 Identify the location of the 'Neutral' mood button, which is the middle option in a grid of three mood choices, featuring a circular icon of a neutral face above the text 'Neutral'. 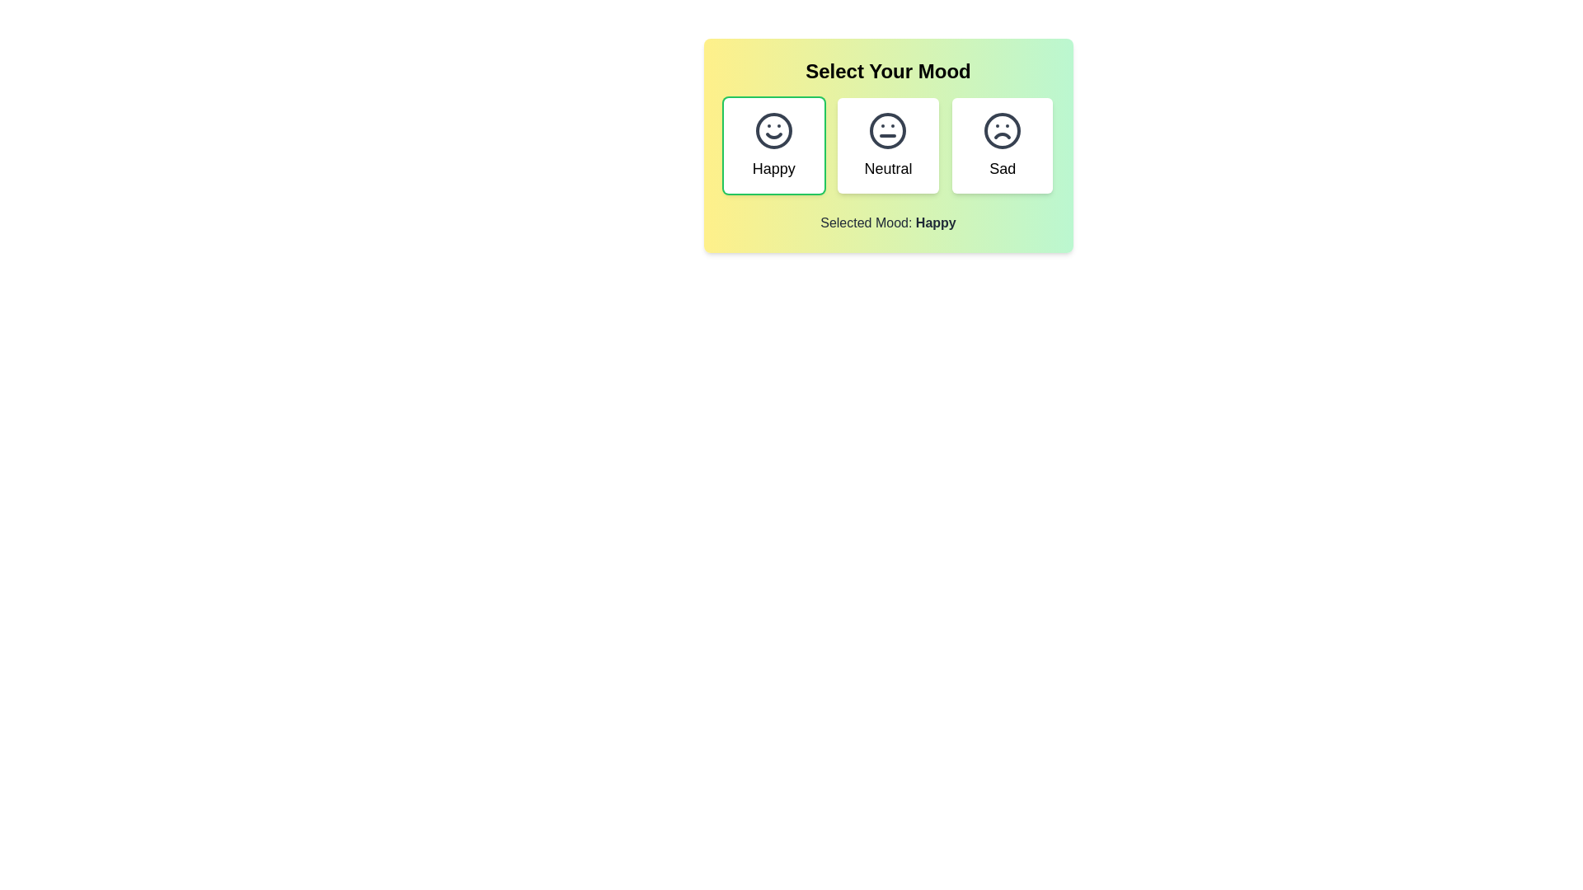
(887, 145).